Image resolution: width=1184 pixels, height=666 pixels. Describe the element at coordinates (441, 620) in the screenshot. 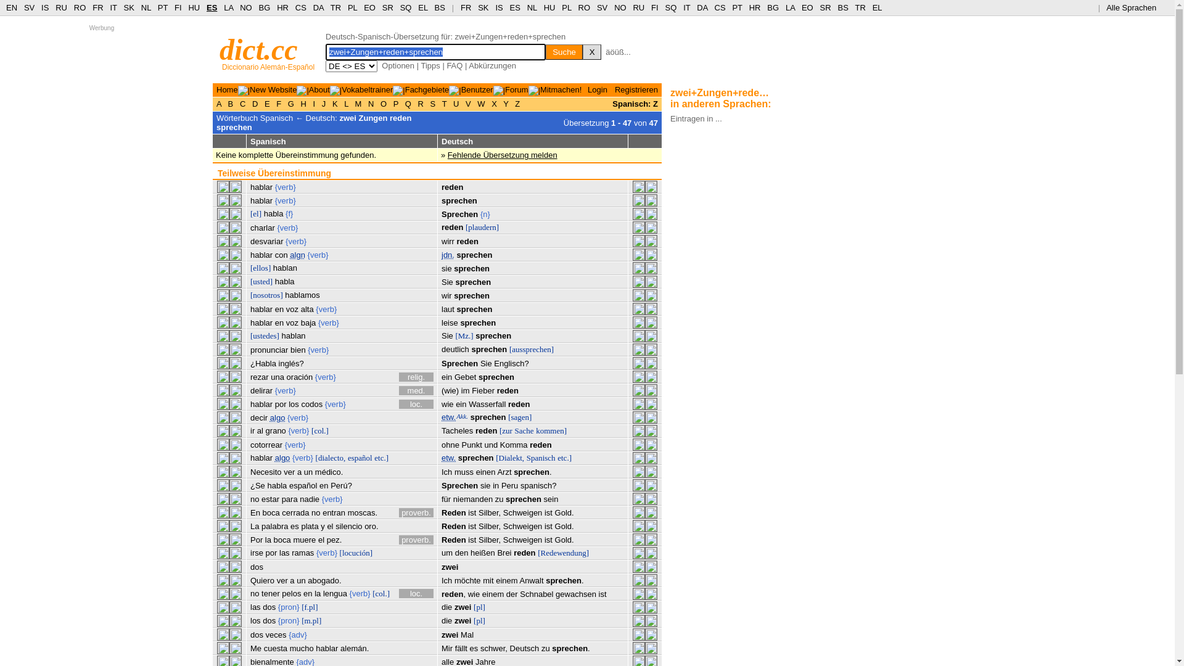

I see `'die'` at that location.